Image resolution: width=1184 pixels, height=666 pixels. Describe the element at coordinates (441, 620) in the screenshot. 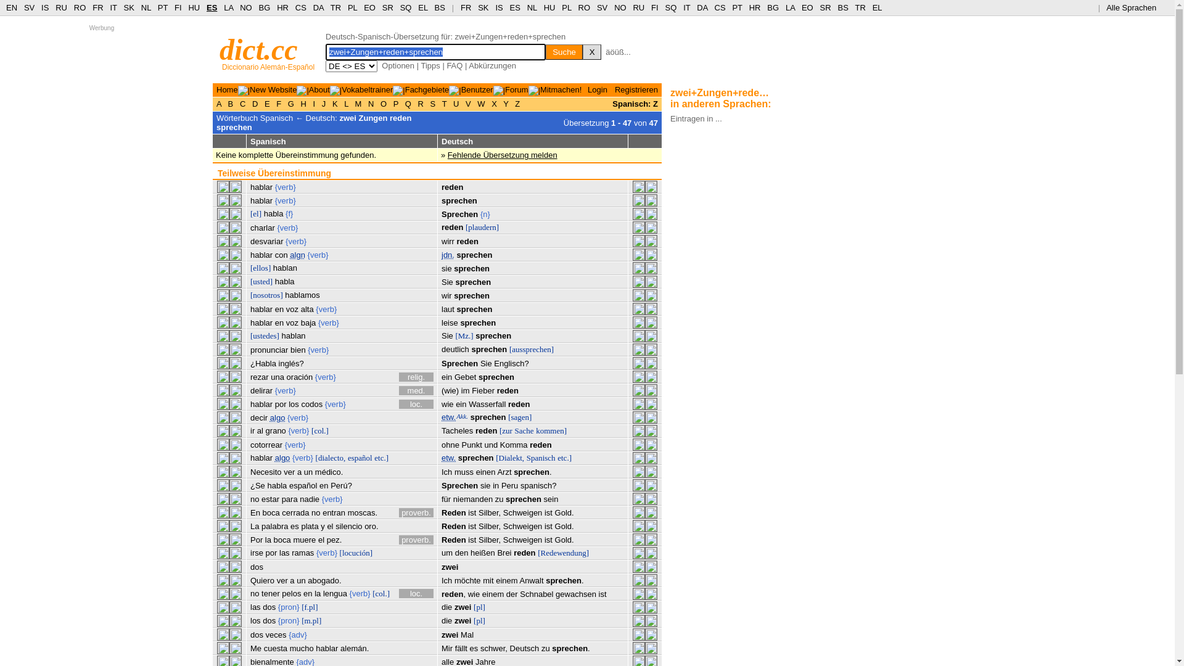

I see `'die'` at that location.